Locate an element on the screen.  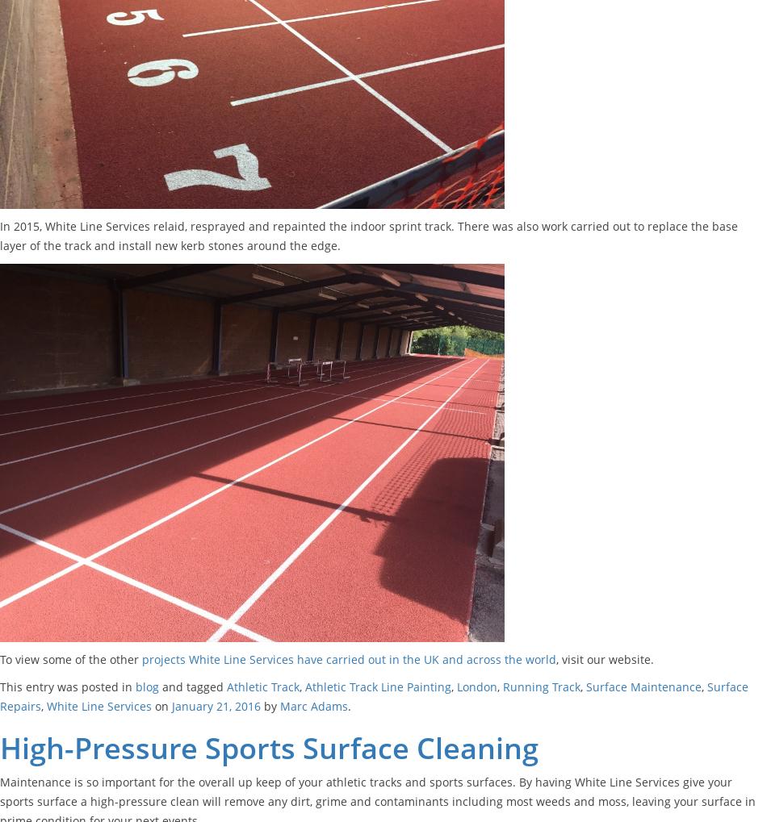
'by' is located at coordinates (260, 705).